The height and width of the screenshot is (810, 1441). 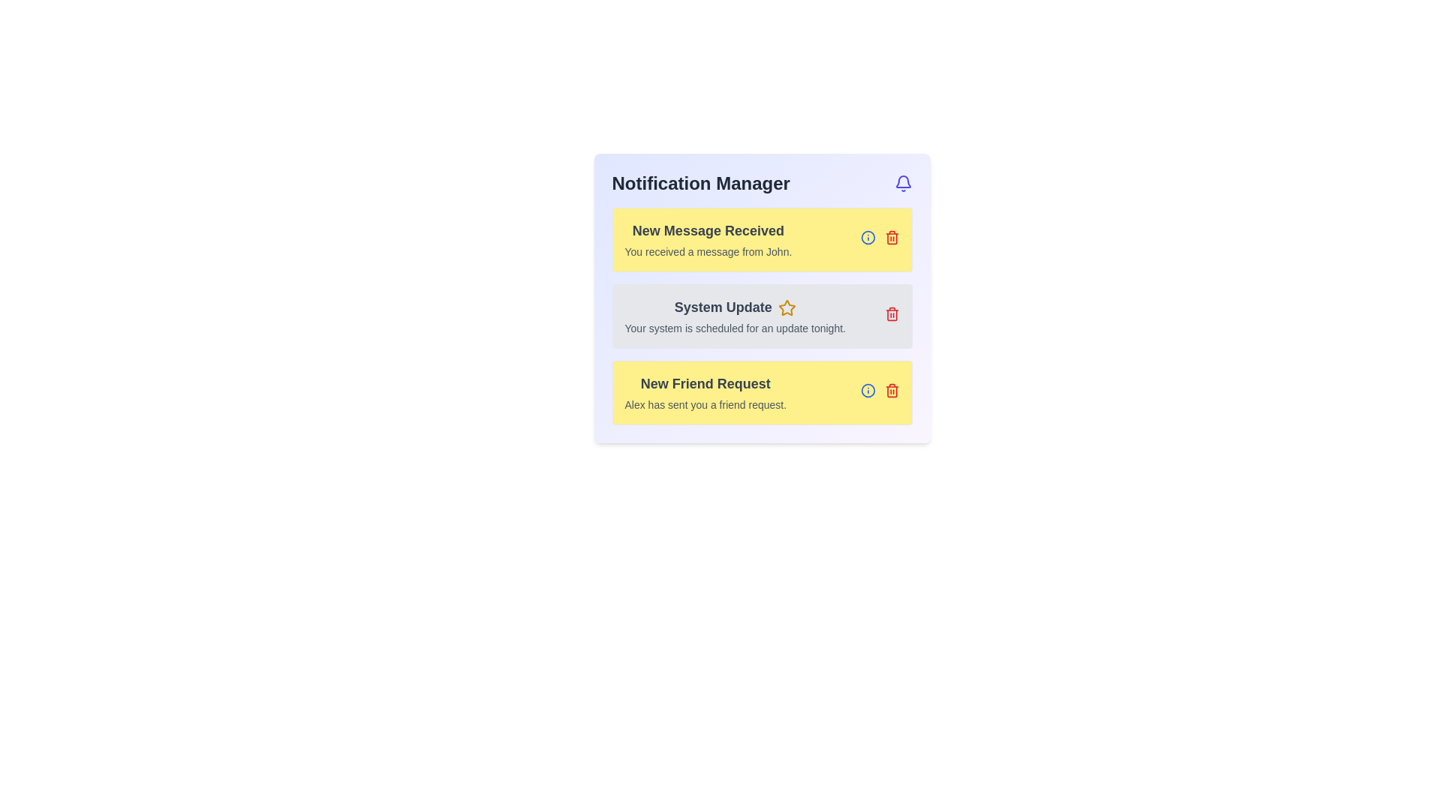 What do you see at coordinates (892, 313) in the screenshot?
I see `the delete button icon located at the right edge of the 'System Update' notification card to possibly see a tooltip` at bounding box center [892, 313].